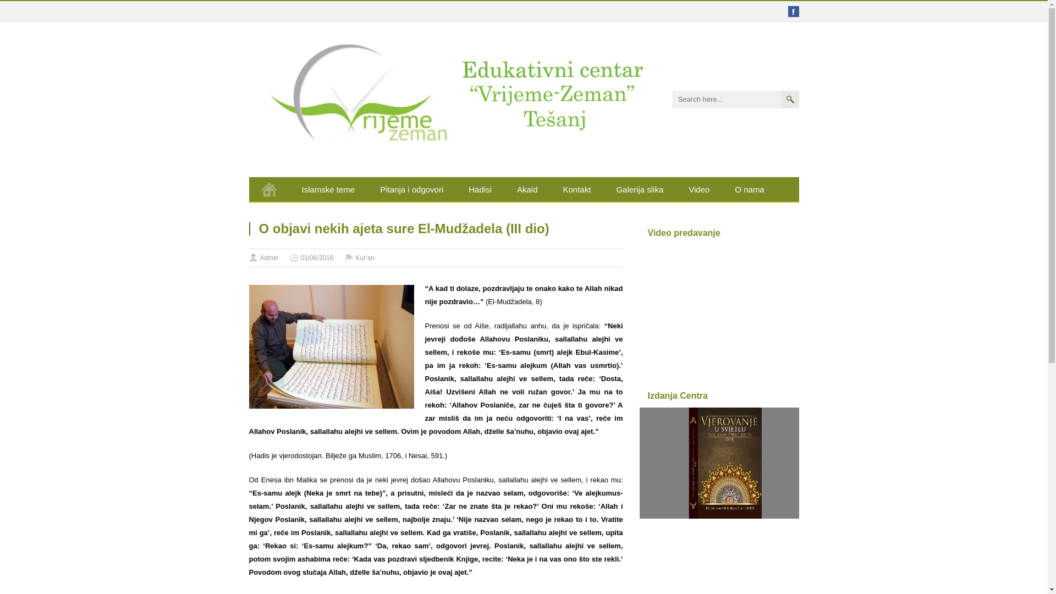 The width and height of the screenshot is (1056, 594). Describe the element at coordinates (698, 189) in the screenshot. I see `'Video'` at that location.